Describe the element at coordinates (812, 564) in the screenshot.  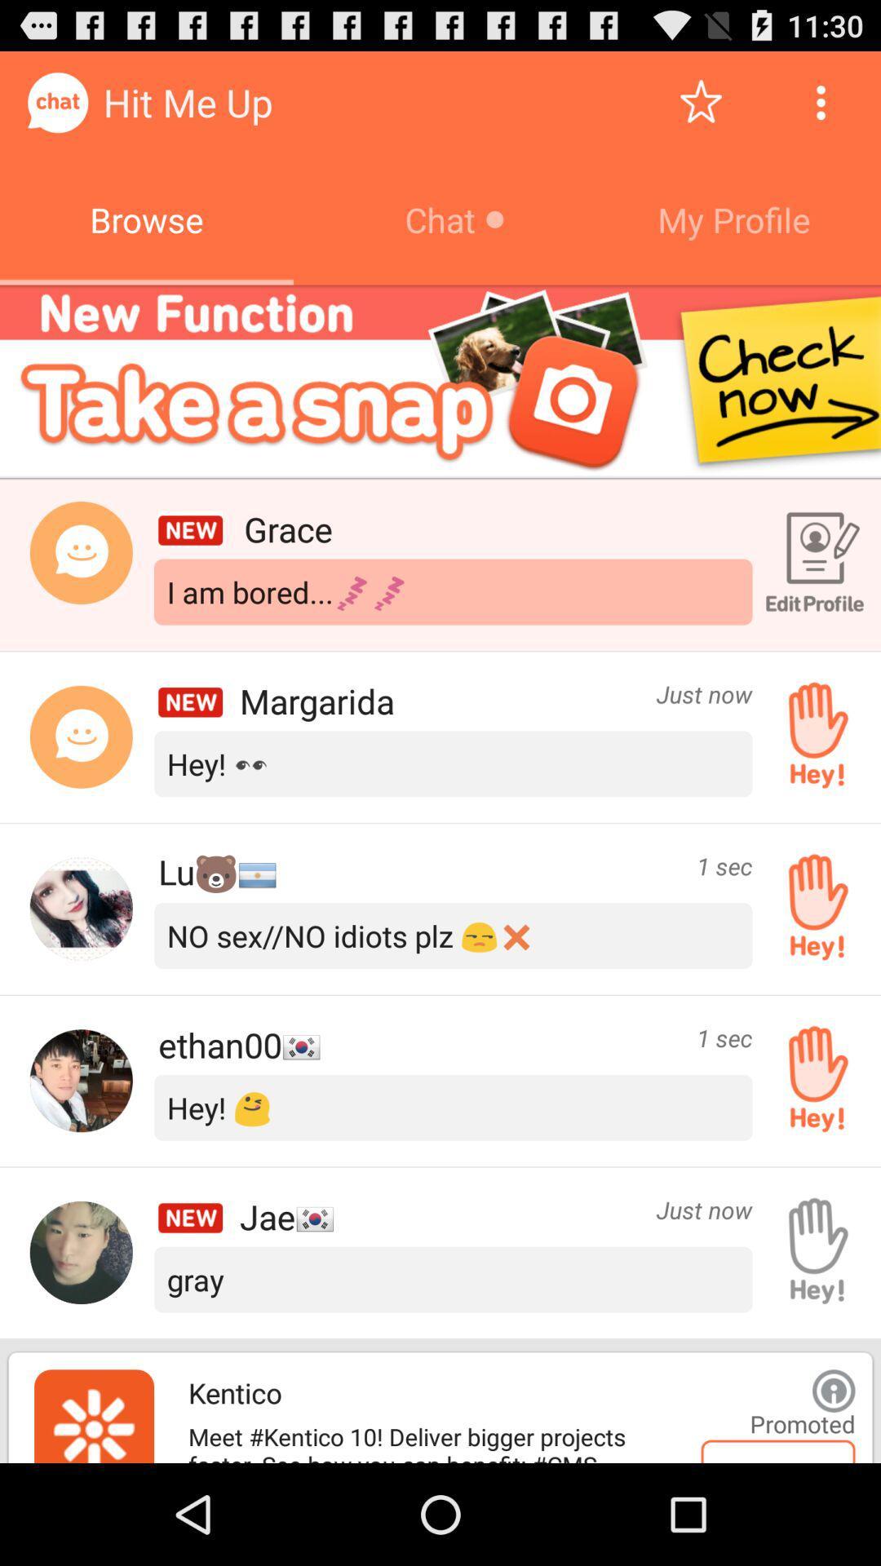
I see `edit profile` at that location.